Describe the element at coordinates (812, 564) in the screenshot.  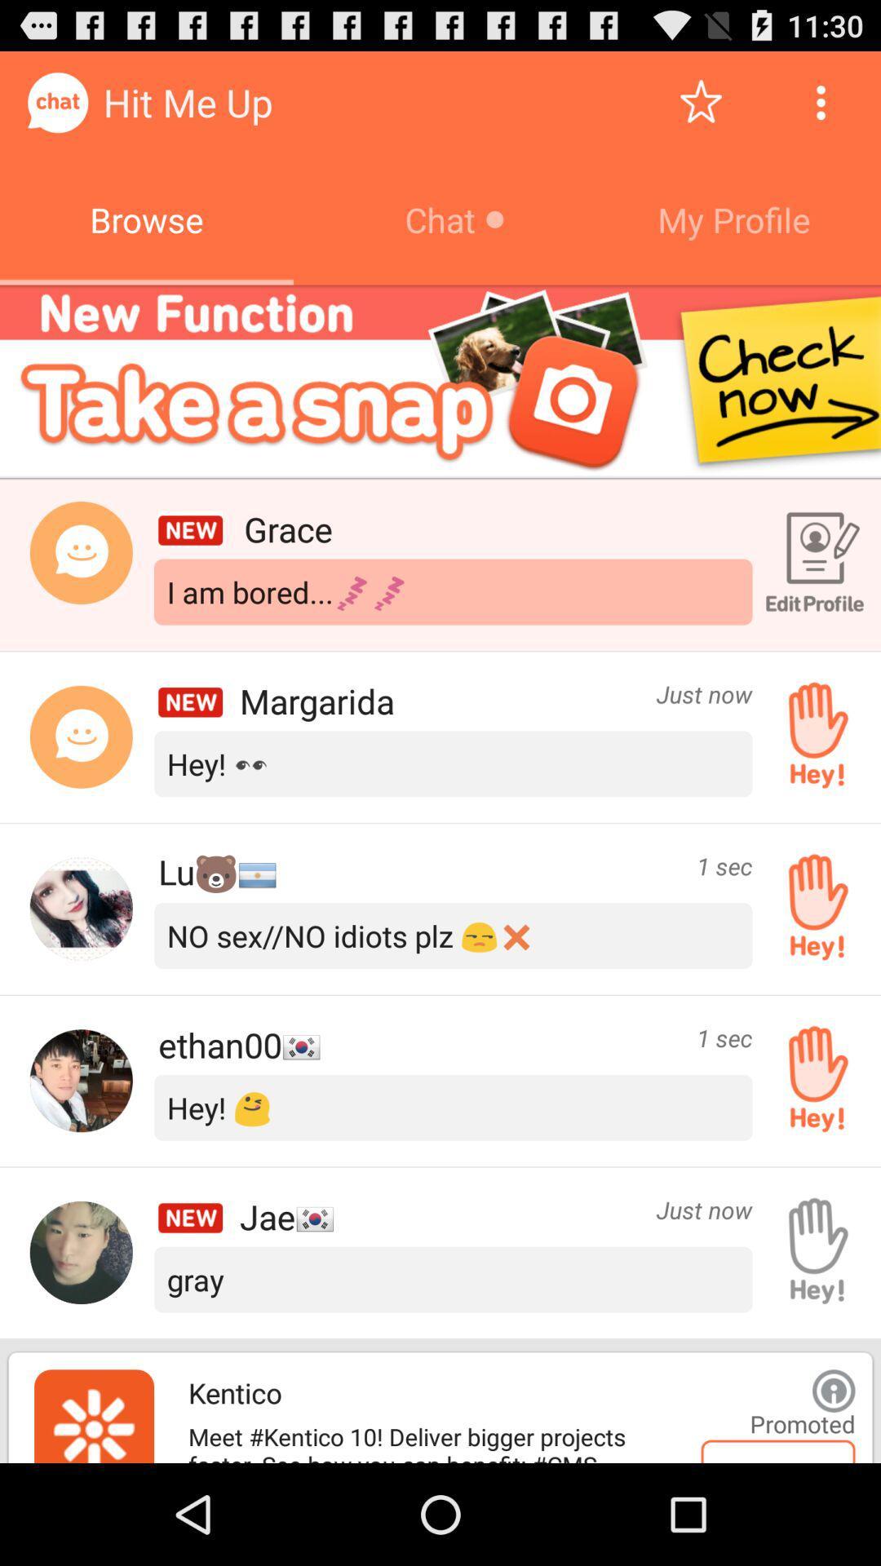
I see `edit profile` at that location.